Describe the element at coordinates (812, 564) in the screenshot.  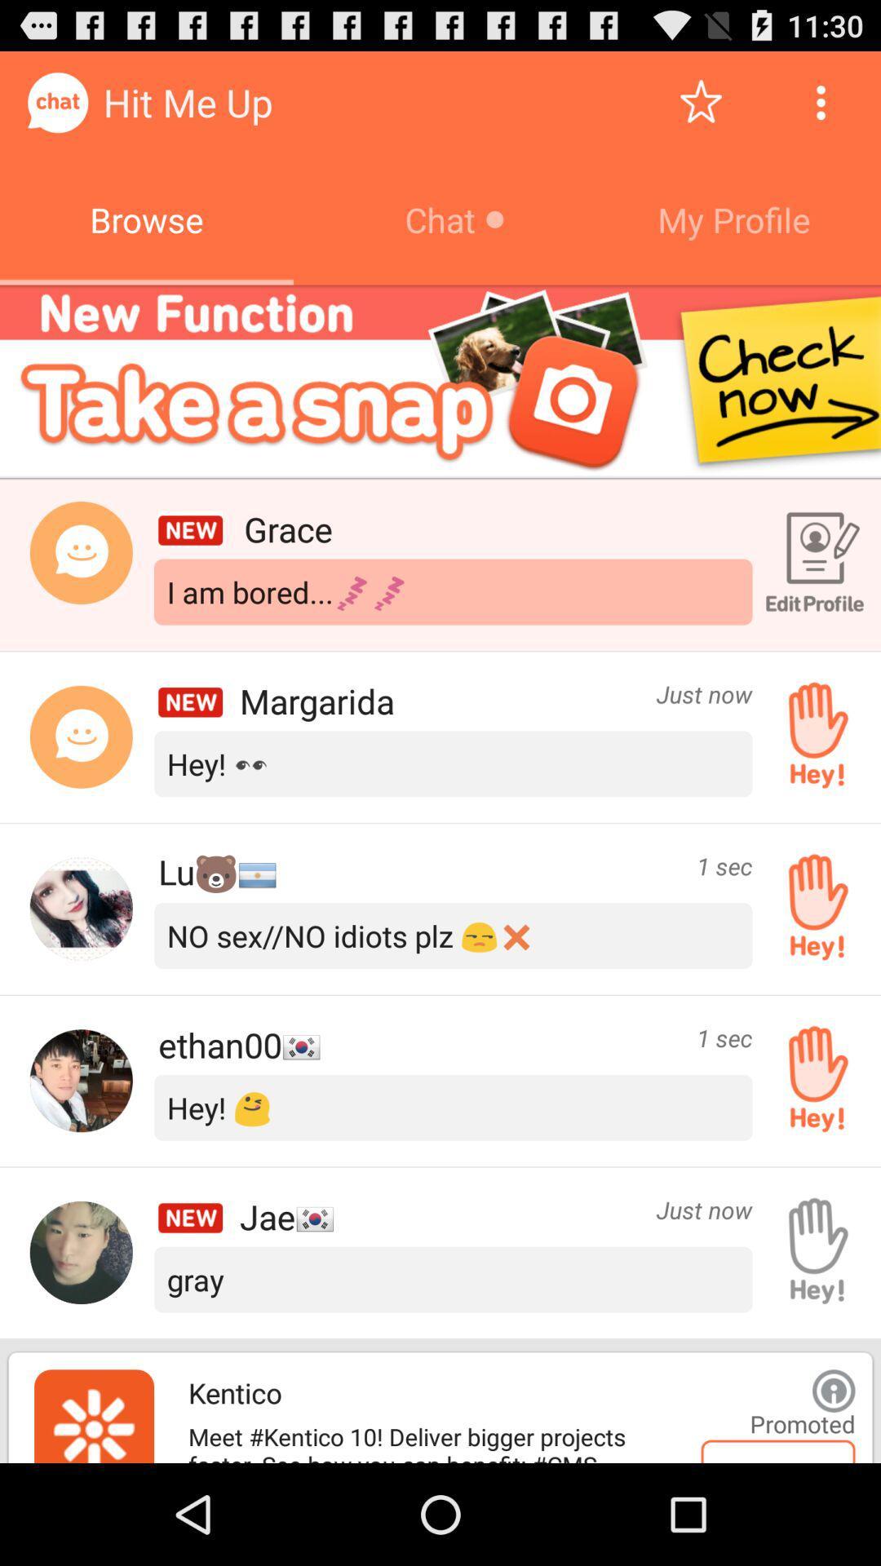
I see `edit profile` at that location.